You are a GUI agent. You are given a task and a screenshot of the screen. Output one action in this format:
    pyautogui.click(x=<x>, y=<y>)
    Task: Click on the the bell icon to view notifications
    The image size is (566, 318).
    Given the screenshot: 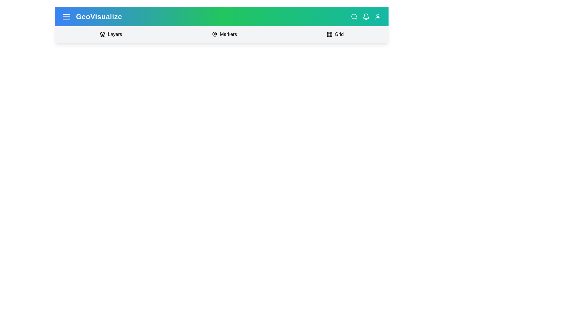 What is the action you would take?
    pyautogui.click(x=366, y=16)
    